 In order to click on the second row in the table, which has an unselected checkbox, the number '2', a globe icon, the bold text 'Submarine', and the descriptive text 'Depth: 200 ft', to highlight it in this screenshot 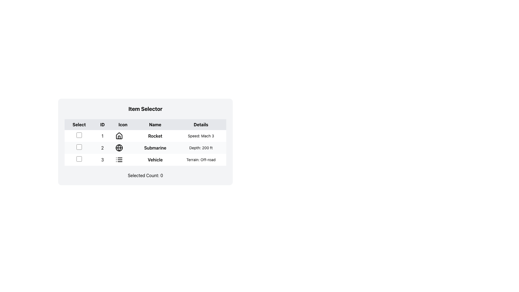, I will do `click(145, 148)`.